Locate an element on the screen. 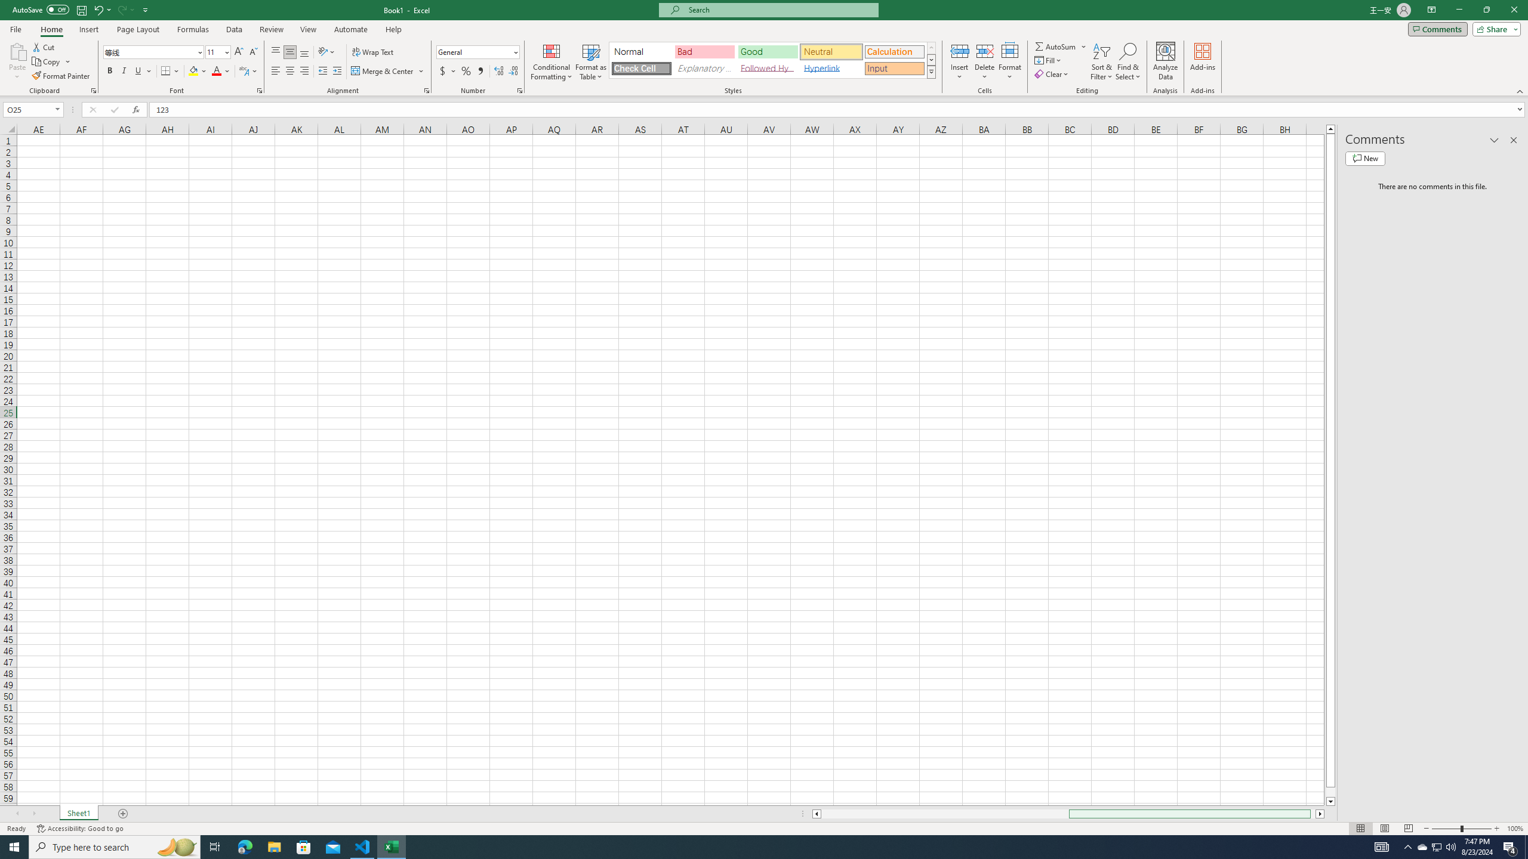 Image resolution: width=1528 pixels, height=859 pixels. 'Italic' is located at coordinates (124, 70).